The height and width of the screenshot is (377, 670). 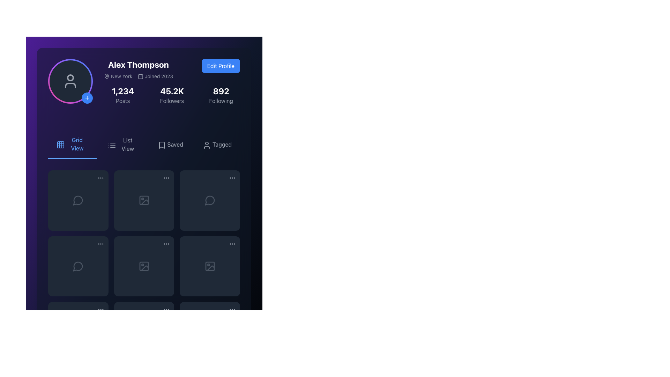 What do you see at coordinates (77, 143) in the screenshot?
I see `the 'Grid View' text label, which is the first navigation option located beneath the grid icon in the top-left quadrant of the layout` at bounding box center [77, 143].